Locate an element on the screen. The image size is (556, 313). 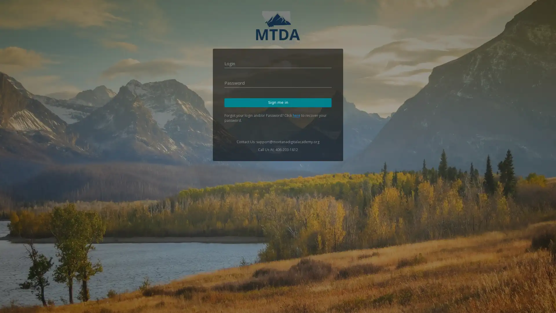
Sign me in is located at coordinates (278, 102).